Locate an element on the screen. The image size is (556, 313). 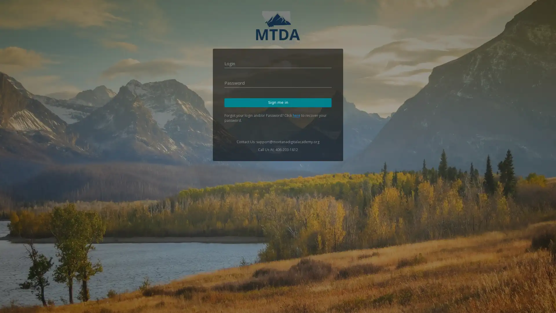
Sign me in is located at coordinates (278, 102).